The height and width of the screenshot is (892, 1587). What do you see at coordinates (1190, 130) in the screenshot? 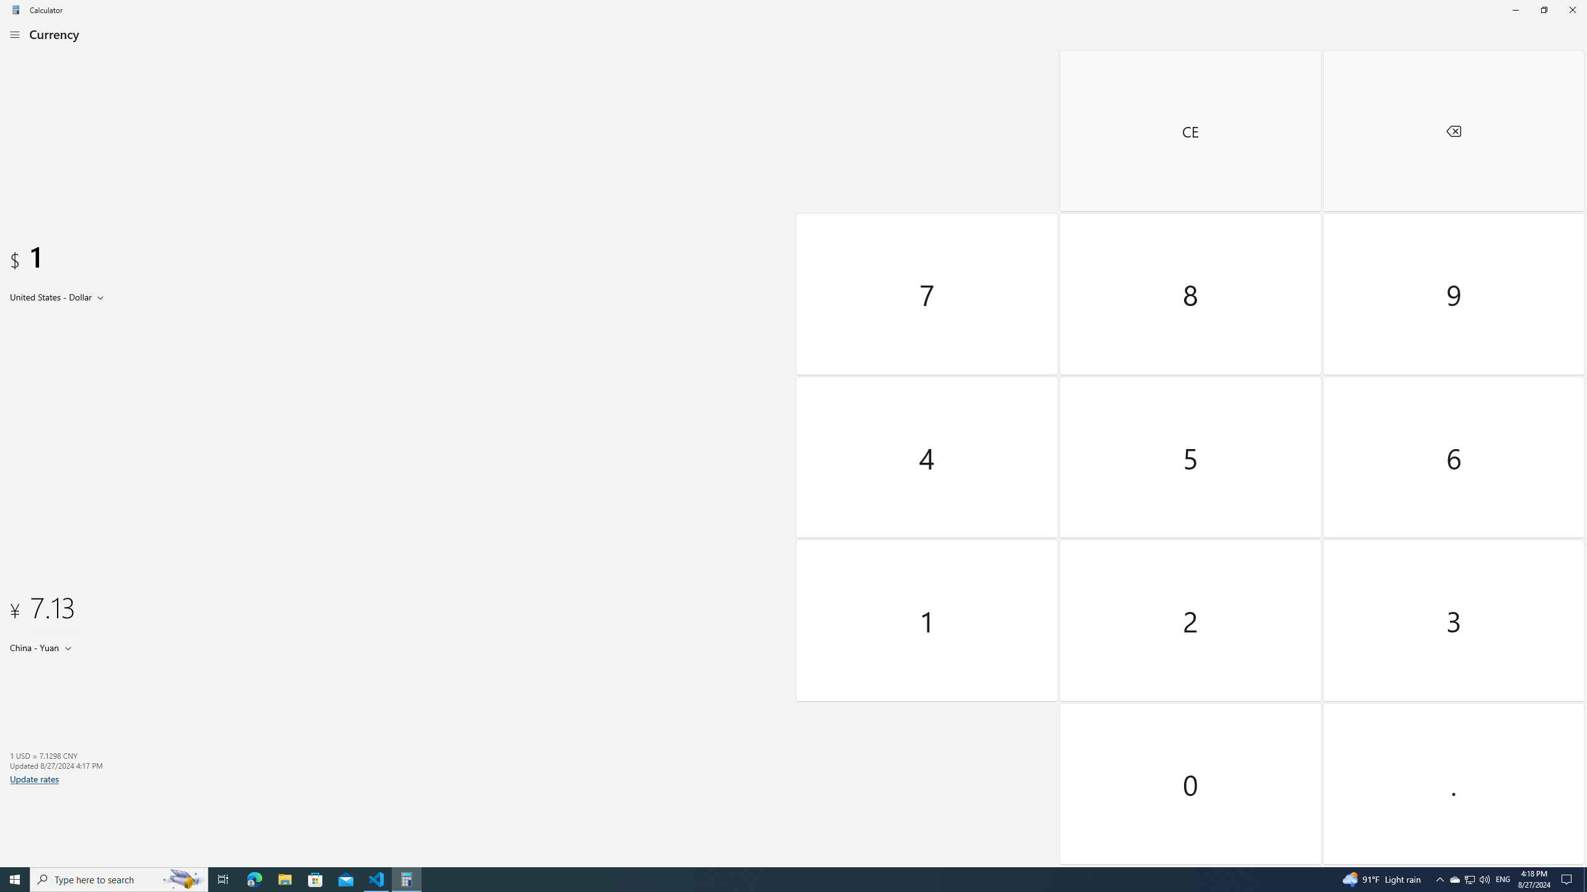
I see `'Clear entry'` at bounding box center [1190, 130].